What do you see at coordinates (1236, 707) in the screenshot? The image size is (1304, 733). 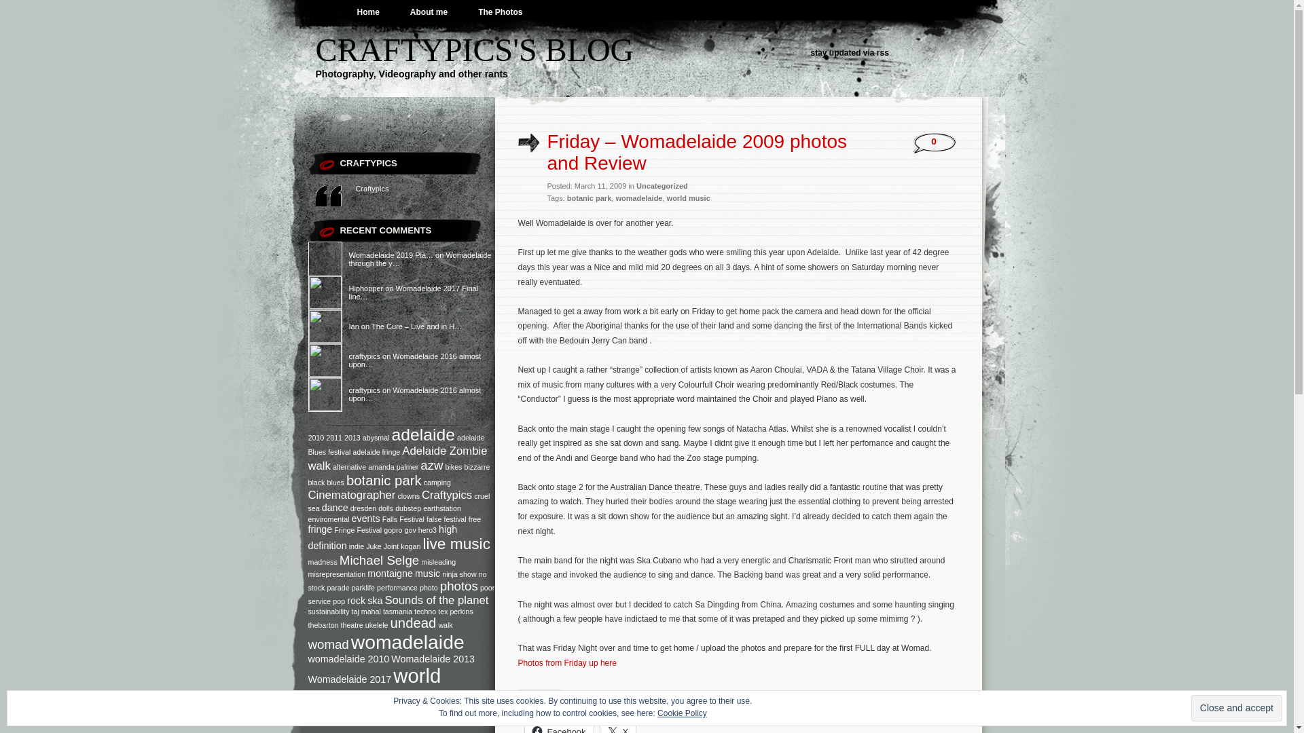 I see `'Close and accept'` at bounding box center [1236, 707].